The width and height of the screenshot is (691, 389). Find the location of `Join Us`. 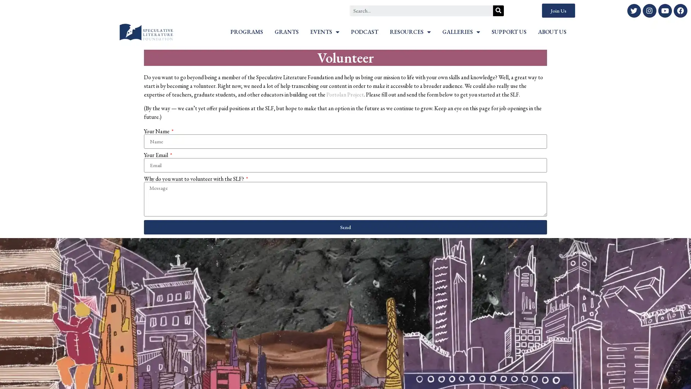

Join Us is located at coordinates (558, 10).